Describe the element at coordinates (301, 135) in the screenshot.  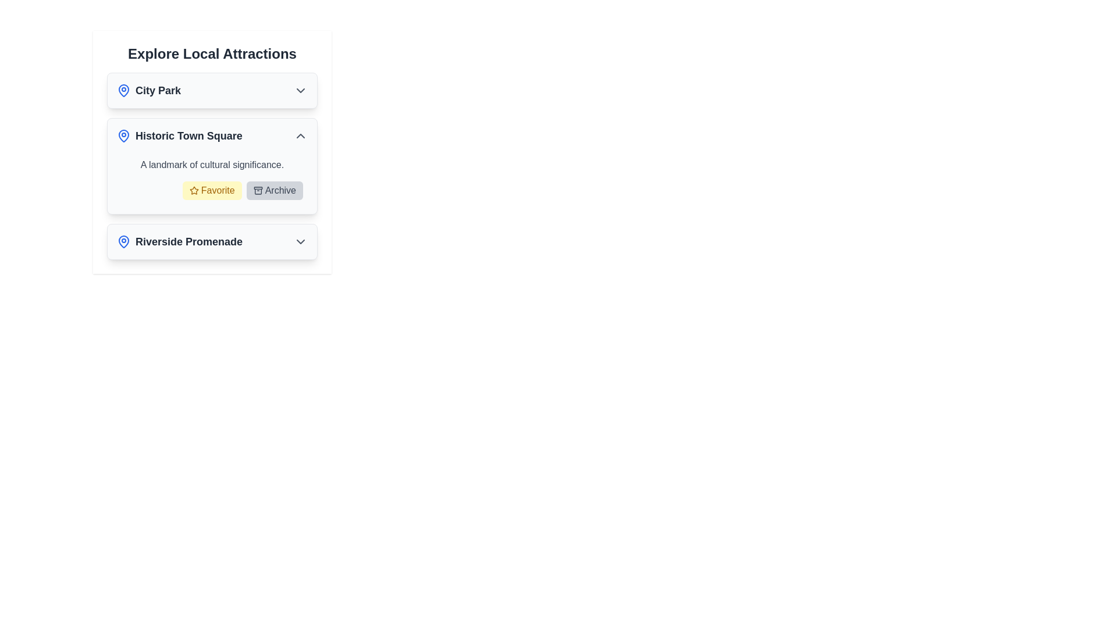
I see `the Chevron Up icon located at the rightmost edge of the section containing 'Historic Town Square'` at that location.